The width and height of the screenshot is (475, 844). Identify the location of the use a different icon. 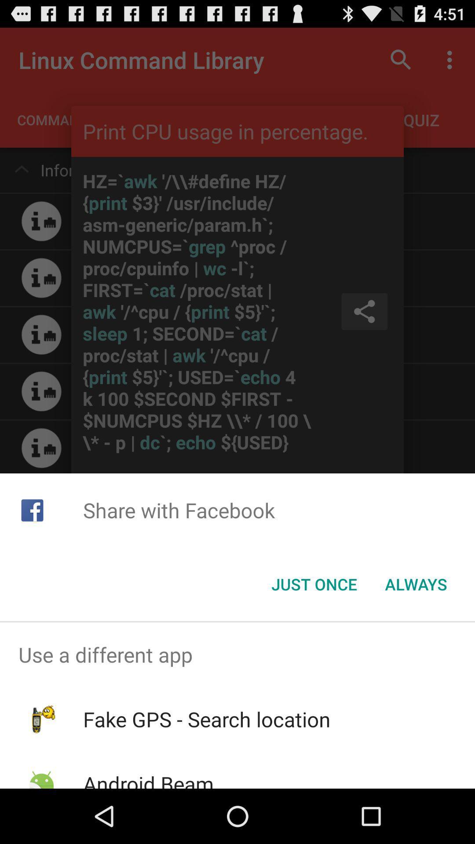
(237, 655).